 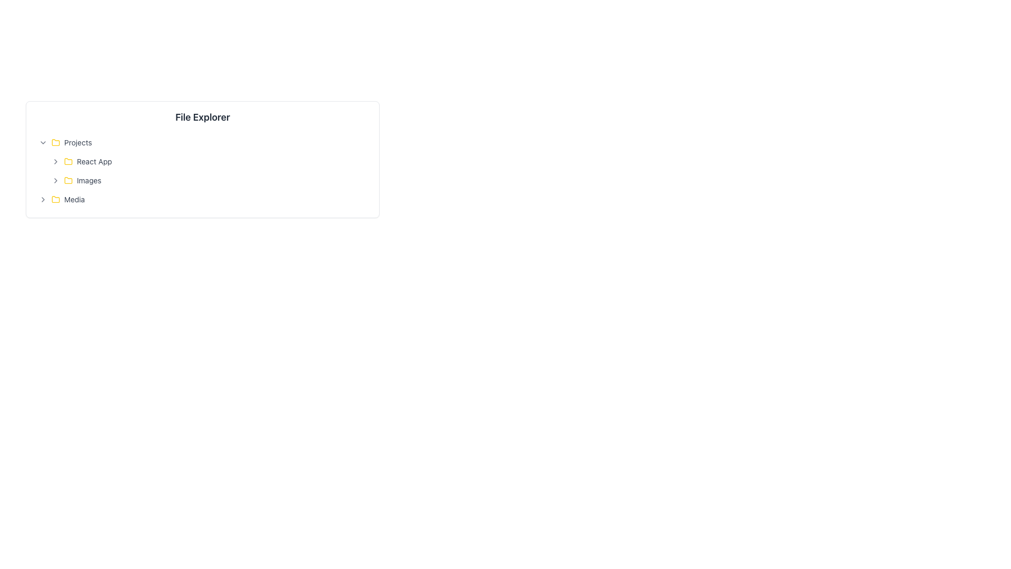 I want to click on the 'React App' folder, so click(x=209, y=162).